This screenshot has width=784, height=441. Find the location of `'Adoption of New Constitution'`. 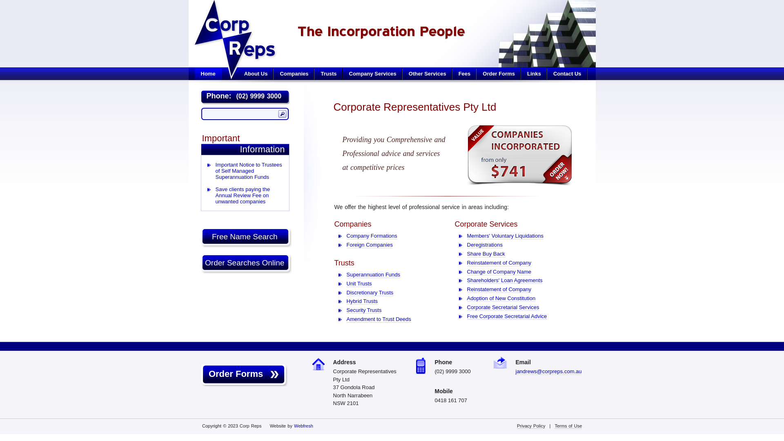

'Adoption of New Constitution' is located at coordinates (501, 298).